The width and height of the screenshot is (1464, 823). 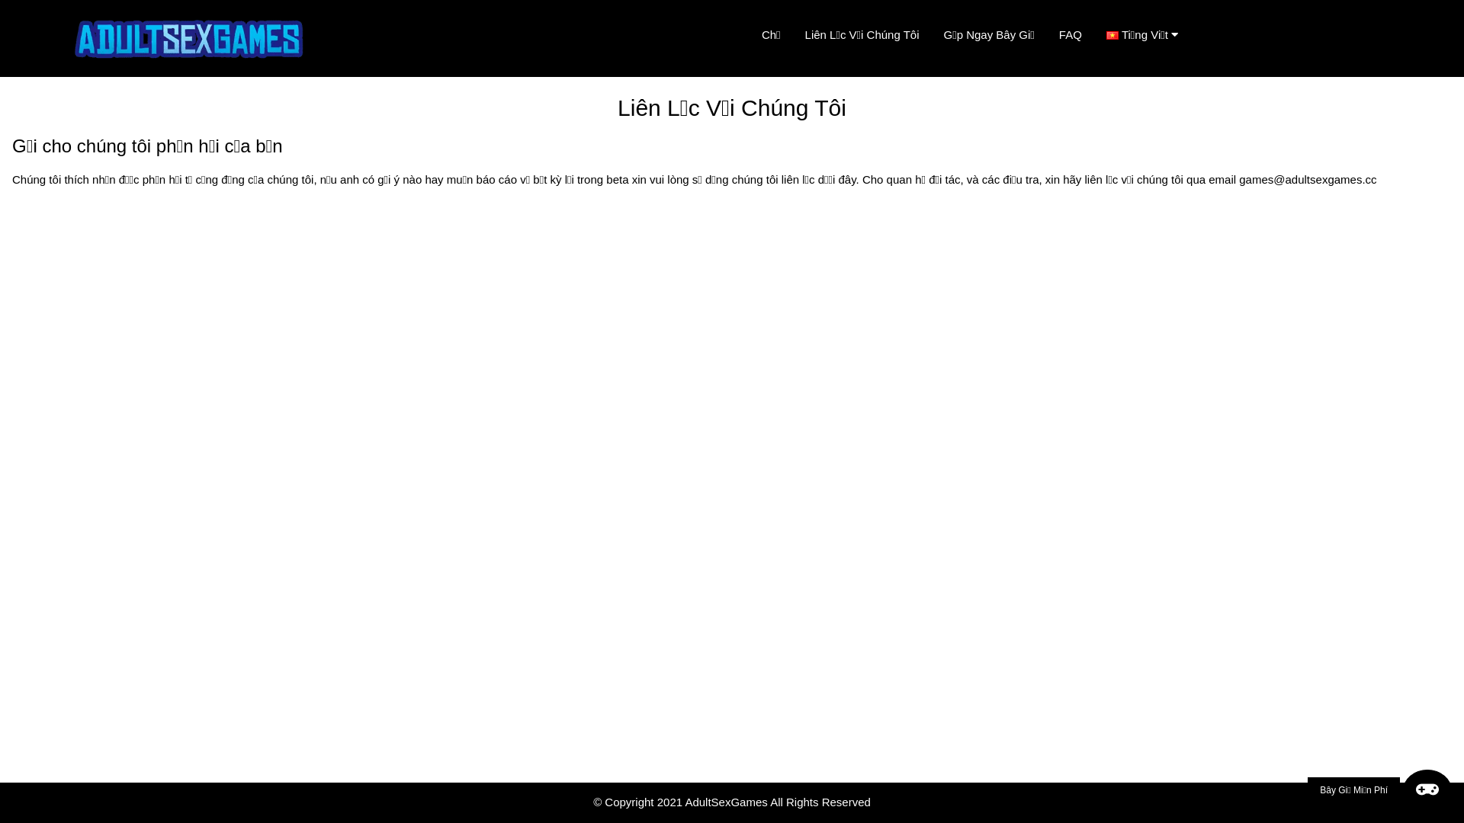 What do you see at coordinates (1069, 34) in the screenshot?
I see `'FAQ'` at bounding box center [1069, 34].